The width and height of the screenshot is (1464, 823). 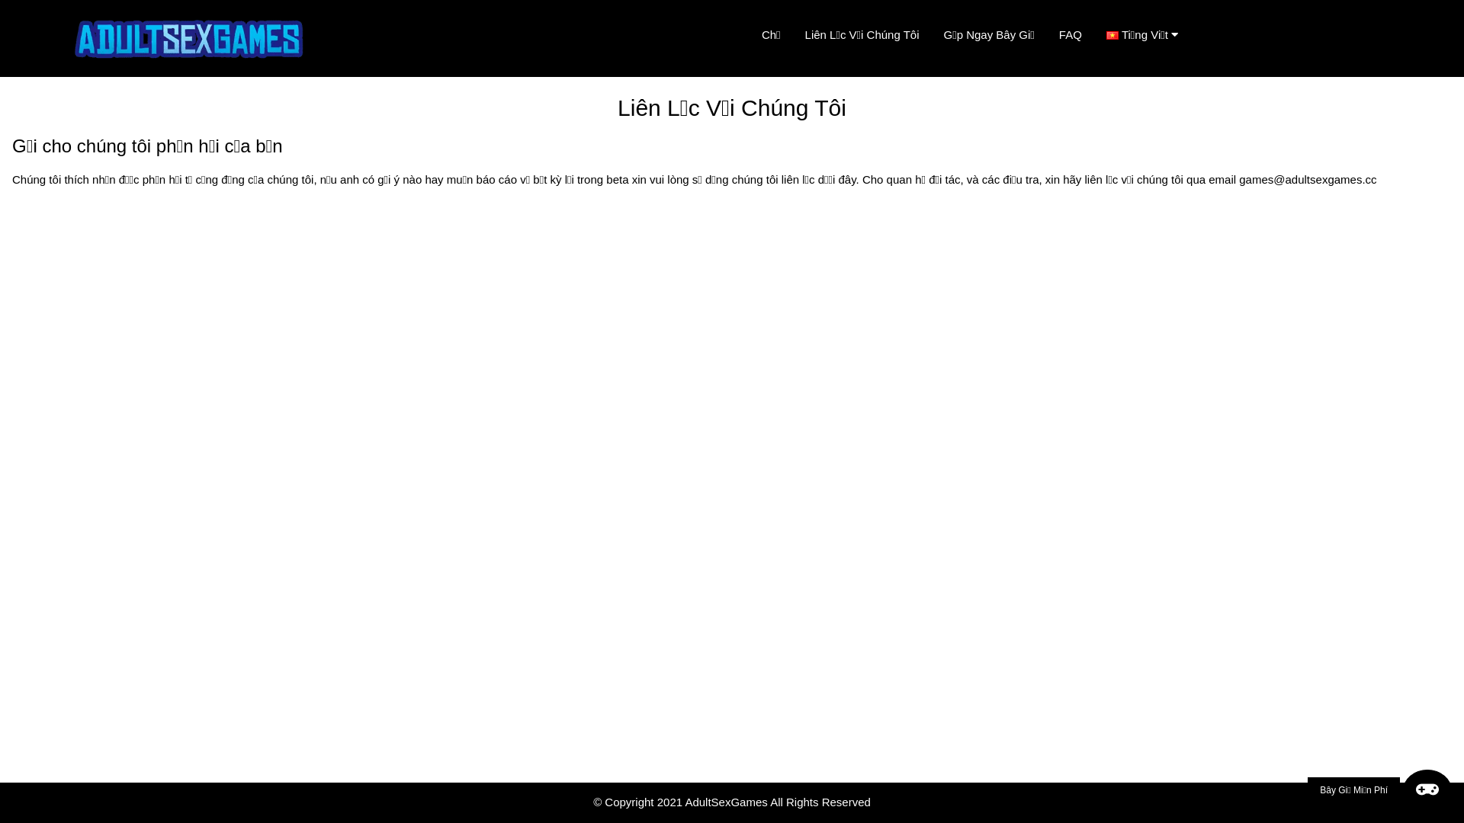 What do you see at coordinates (1069, 34) in the screenshot?
I see `'FAQ'` at bounding box center [1069, 34].